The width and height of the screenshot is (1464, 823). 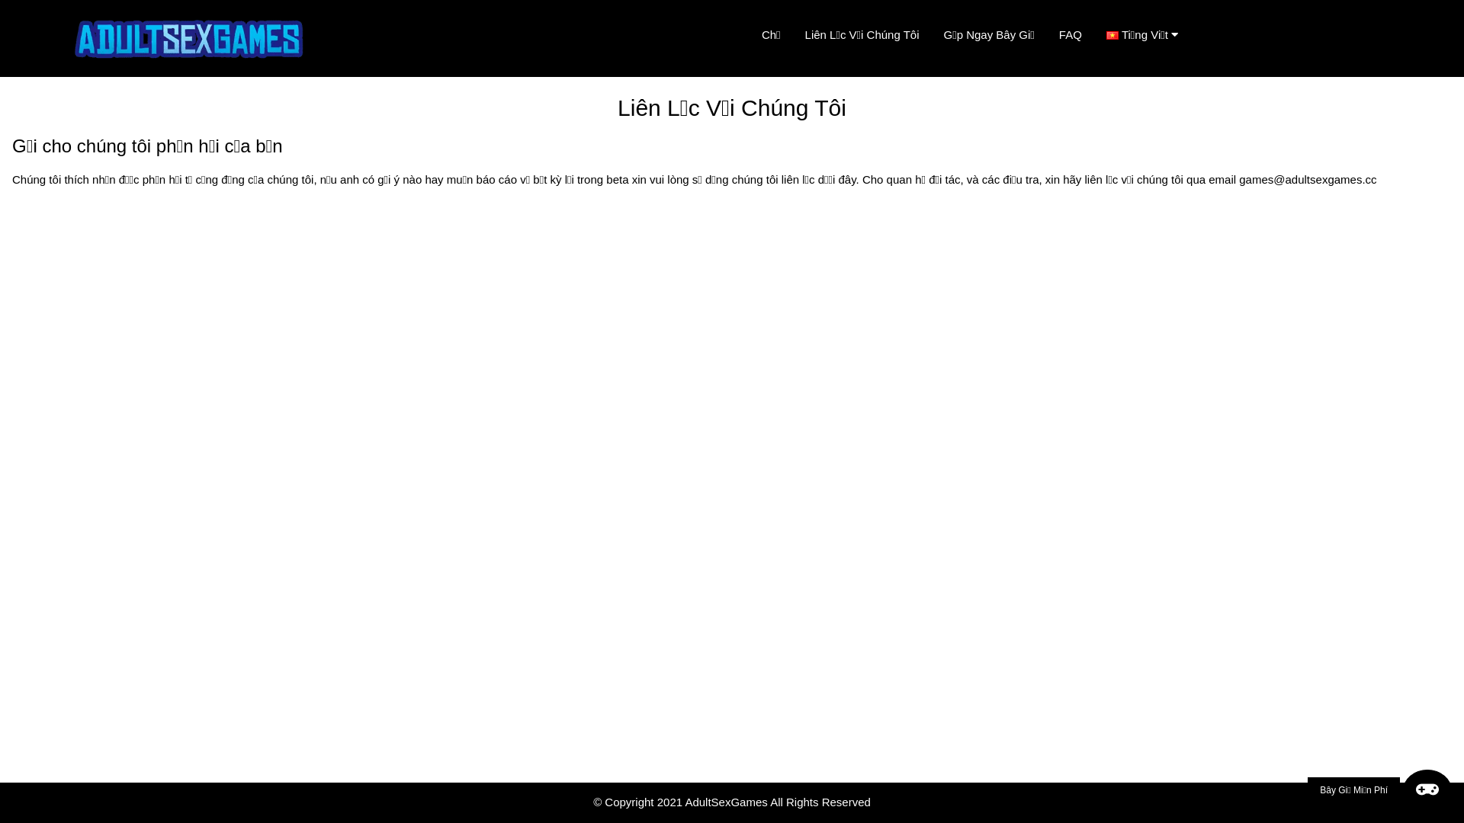 What do you see at coordinates (1069, 34) in the screenshot?
I see `'FAQ'` at bounding box center [1069, 34].